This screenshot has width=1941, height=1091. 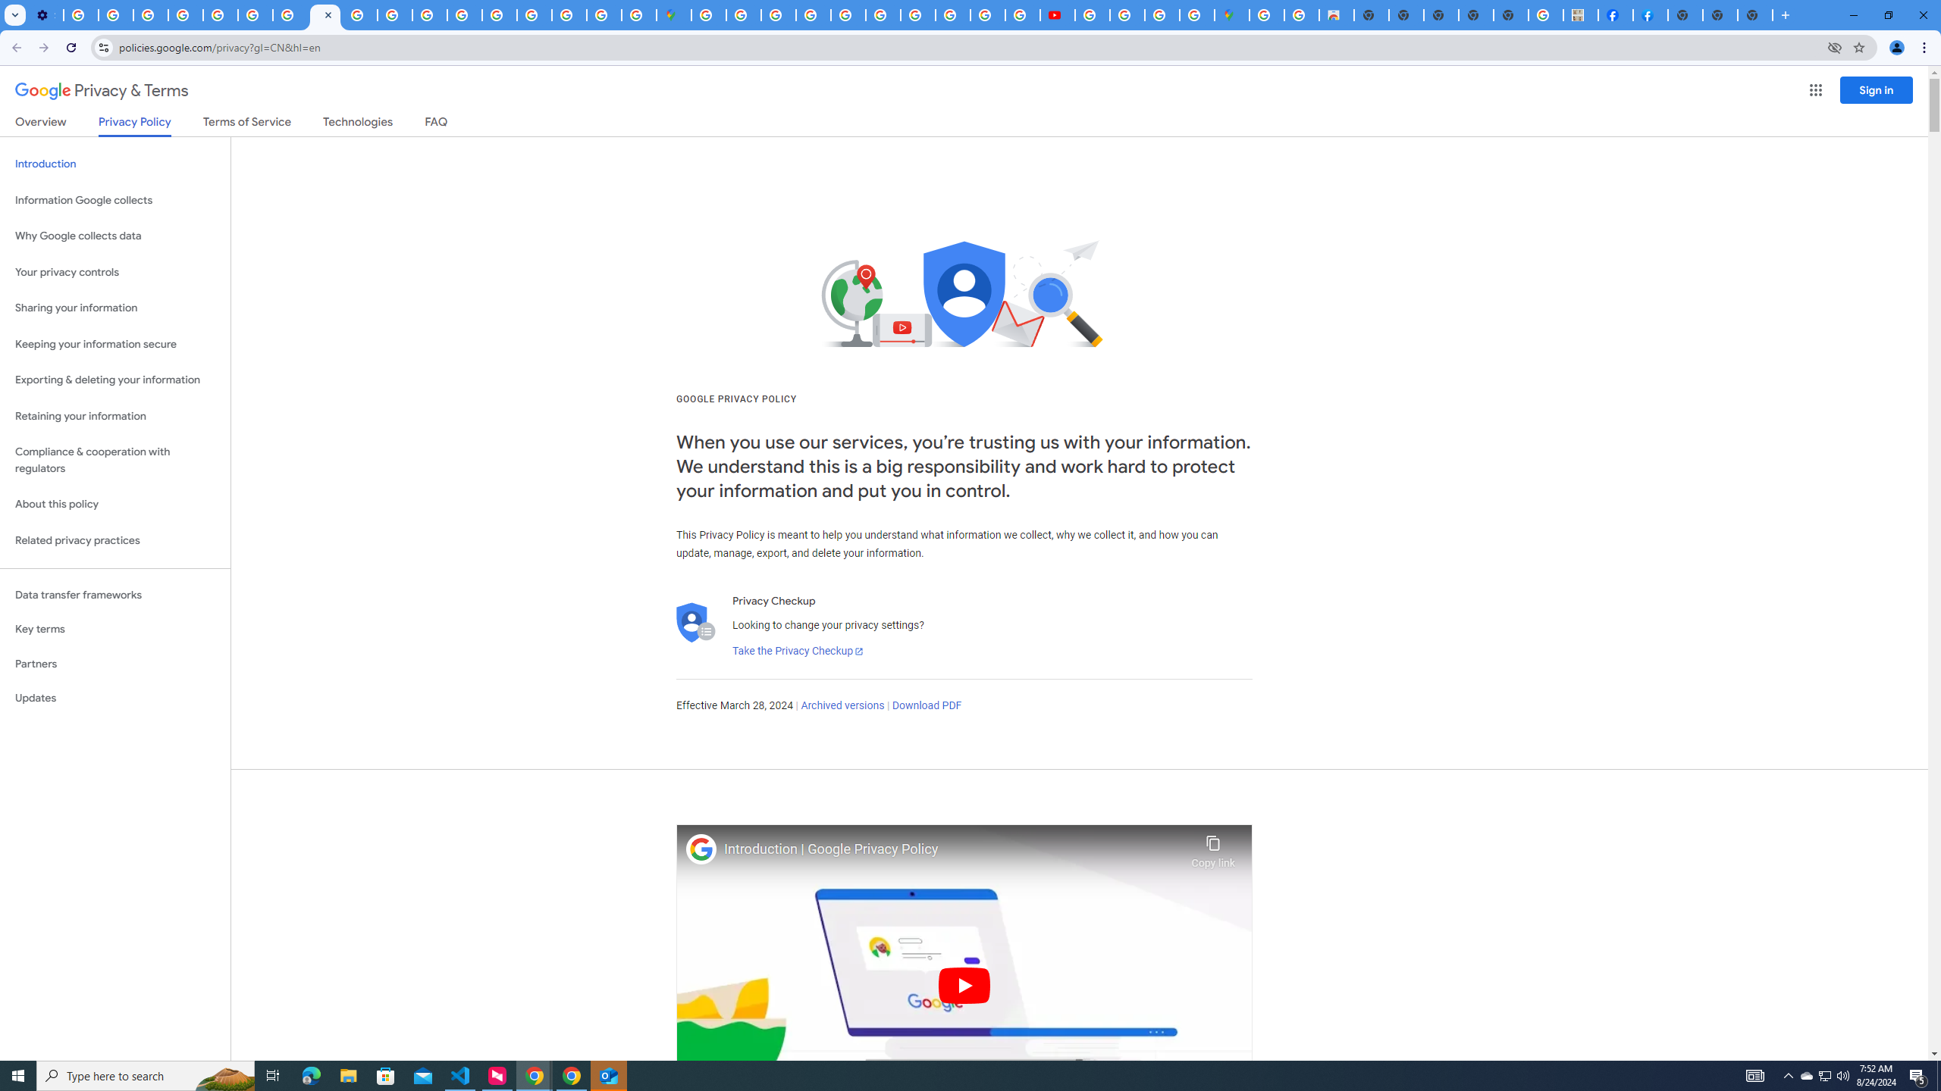 I want to click on 'Keeping your information secure', so click(x=114, y=345).